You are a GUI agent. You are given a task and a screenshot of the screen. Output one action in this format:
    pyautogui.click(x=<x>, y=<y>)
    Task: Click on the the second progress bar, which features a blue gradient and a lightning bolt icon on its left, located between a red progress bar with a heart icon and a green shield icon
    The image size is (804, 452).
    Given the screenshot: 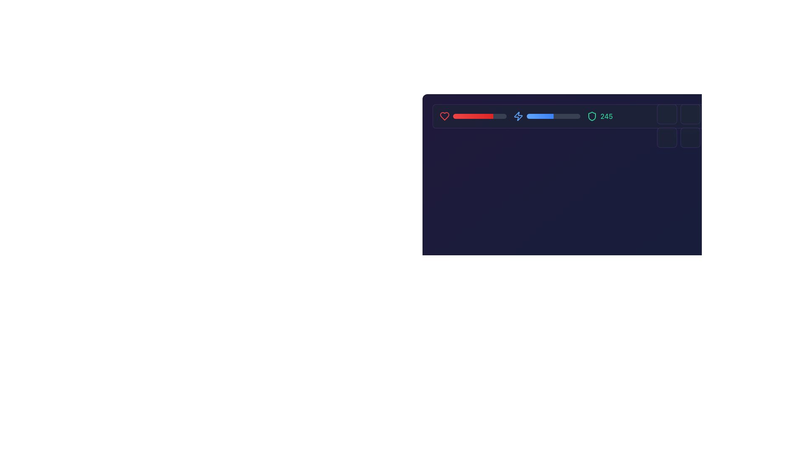 What is the action you would take?
    pyautogui.click(x=546, y=116)
    